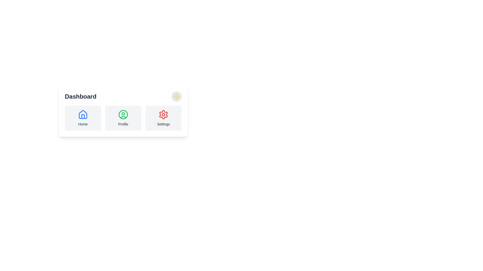  I want to click on the red gear icon in the bottom right corner of the card interface, so click(163, 114).